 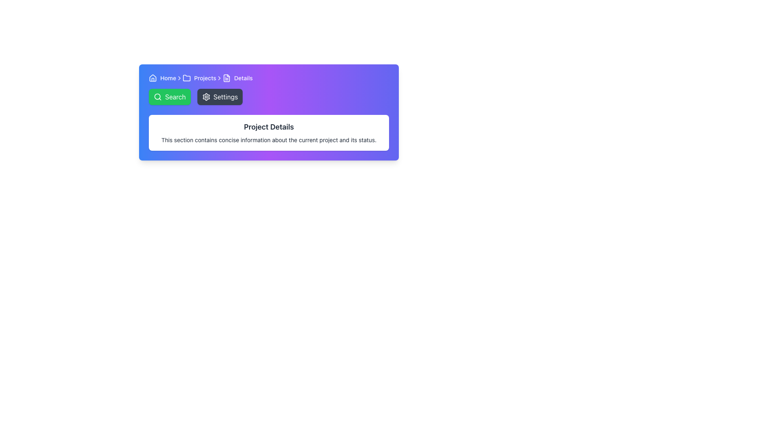 I want to click on the Breadcrumb text label, which serves as the initial link in the breadcrumb navigation bar, allowing users to navigate back to the 'Home' section, so click(x=162, y=78).